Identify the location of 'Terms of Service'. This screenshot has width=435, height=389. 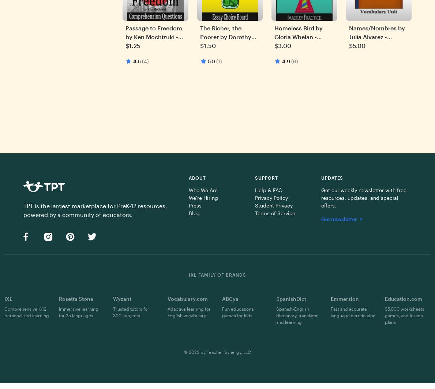
(274, 213).